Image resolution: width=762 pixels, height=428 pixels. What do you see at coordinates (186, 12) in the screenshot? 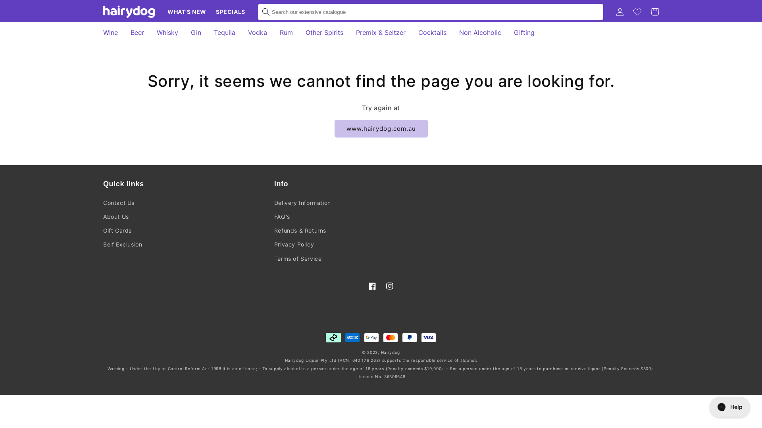
I see `'WHAT'S NEW'` at bounding box center [186, 12].